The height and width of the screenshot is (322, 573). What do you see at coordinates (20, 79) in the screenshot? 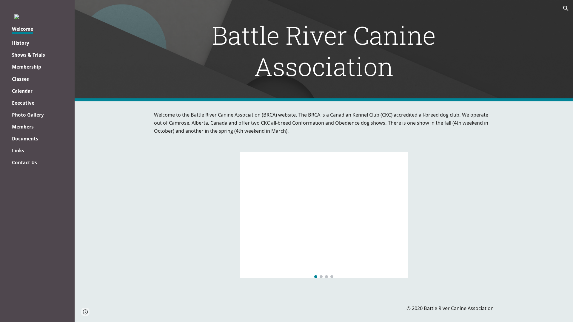
I see `'Classes'` at bounding box center [20, 79].